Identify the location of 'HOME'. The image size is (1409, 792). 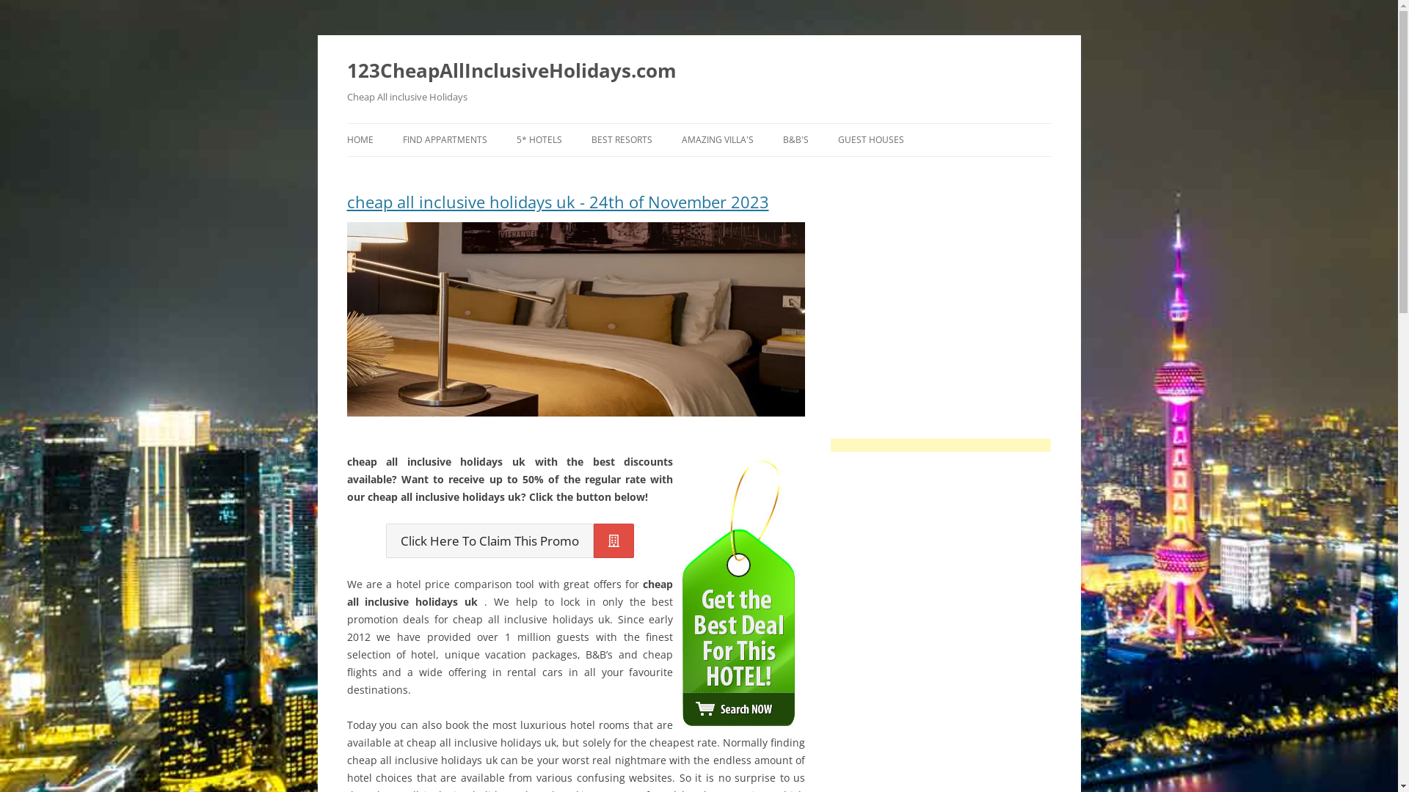
(359, 140).